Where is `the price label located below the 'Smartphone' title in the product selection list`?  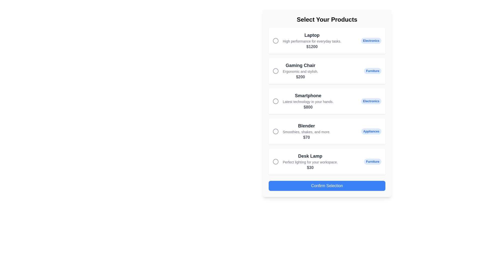 the price label located below the 'Smartphone' title in the product selection list is located at coordinates (308, 107).